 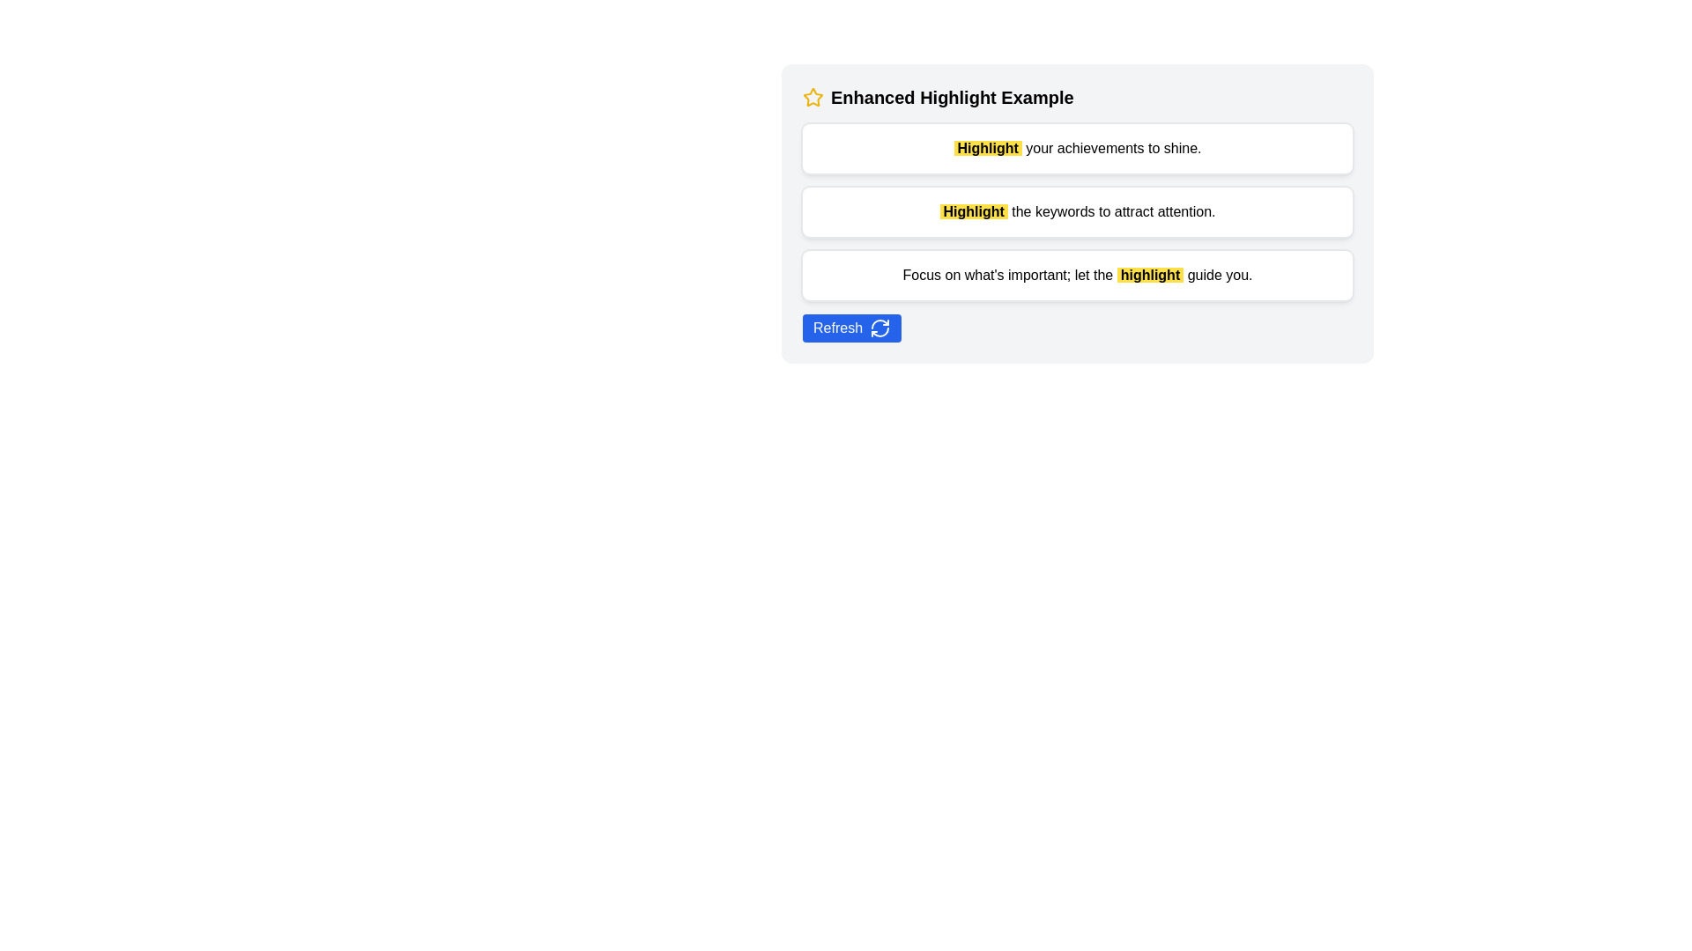 I want to click on the visual style of the bold text label 'highlight' with a yellow background, located in the last sentence of the text area between 'the' and 'guide', so click(x=1150, y=275).